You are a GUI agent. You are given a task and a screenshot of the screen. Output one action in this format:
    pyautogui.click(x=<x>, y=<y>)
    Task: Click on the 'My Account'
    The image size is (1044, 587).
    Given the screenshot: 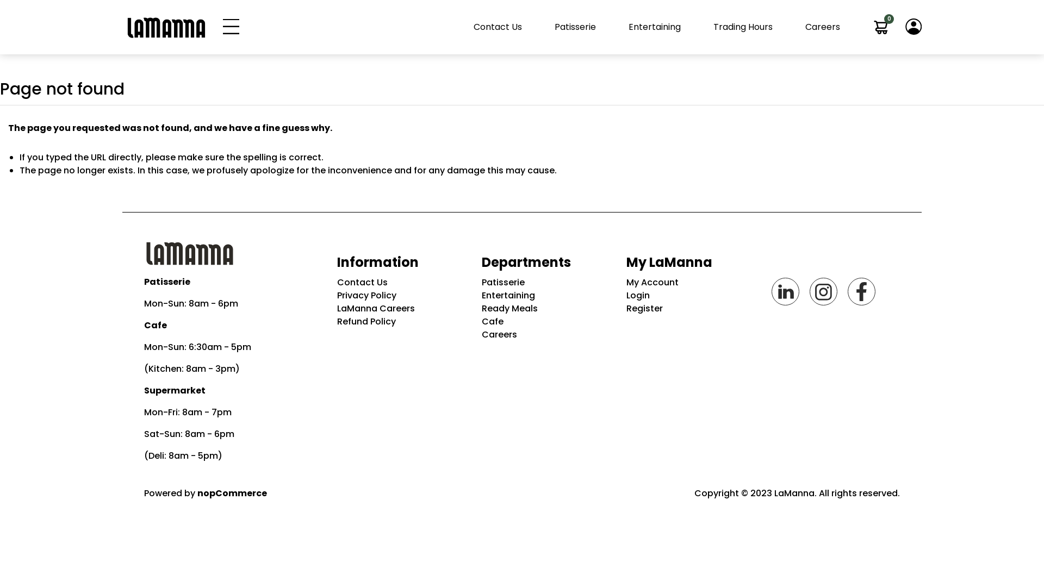 What is the action you would take?
    pyautogui.click(x=690, y=282)
    